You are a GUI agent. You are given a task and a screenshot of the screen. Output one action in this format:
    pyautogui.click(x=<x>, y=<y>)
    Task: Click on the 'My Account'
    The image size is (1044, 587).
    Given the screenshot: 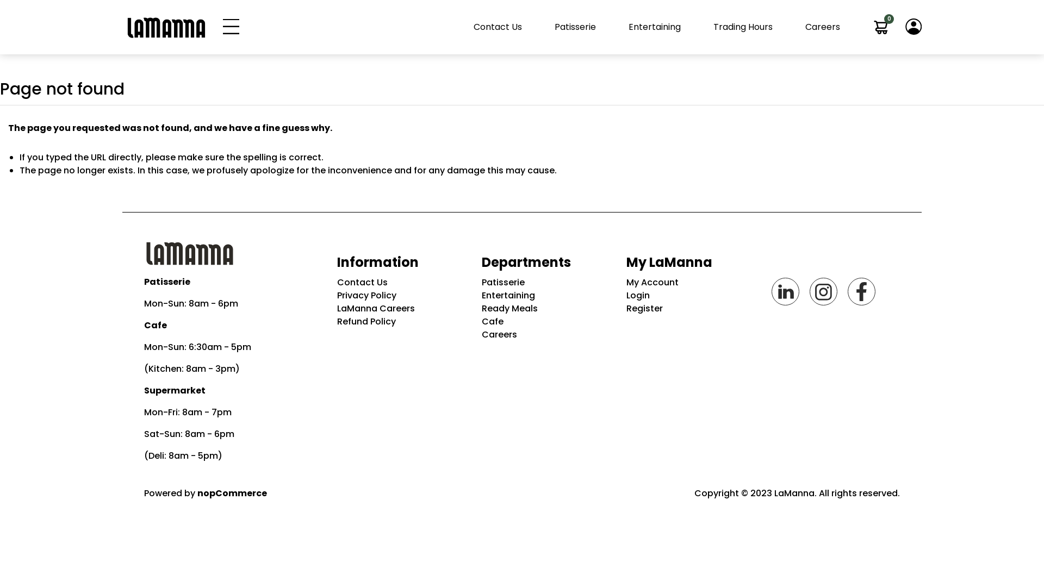 What is the action you would take?
    pyautogui.click(x=690, y=282)
    